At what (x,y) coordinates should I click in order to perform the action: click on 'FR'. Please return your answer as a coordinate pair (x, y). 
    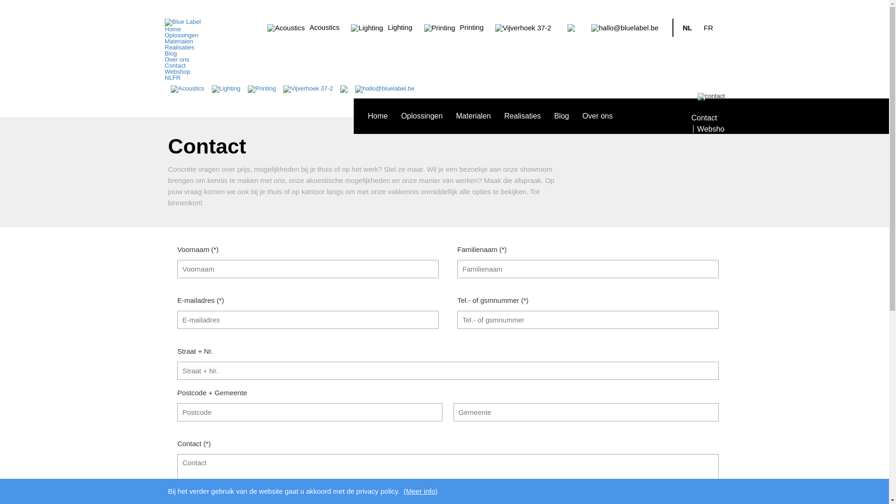
    Looking at the image, I should click on (176, 77).